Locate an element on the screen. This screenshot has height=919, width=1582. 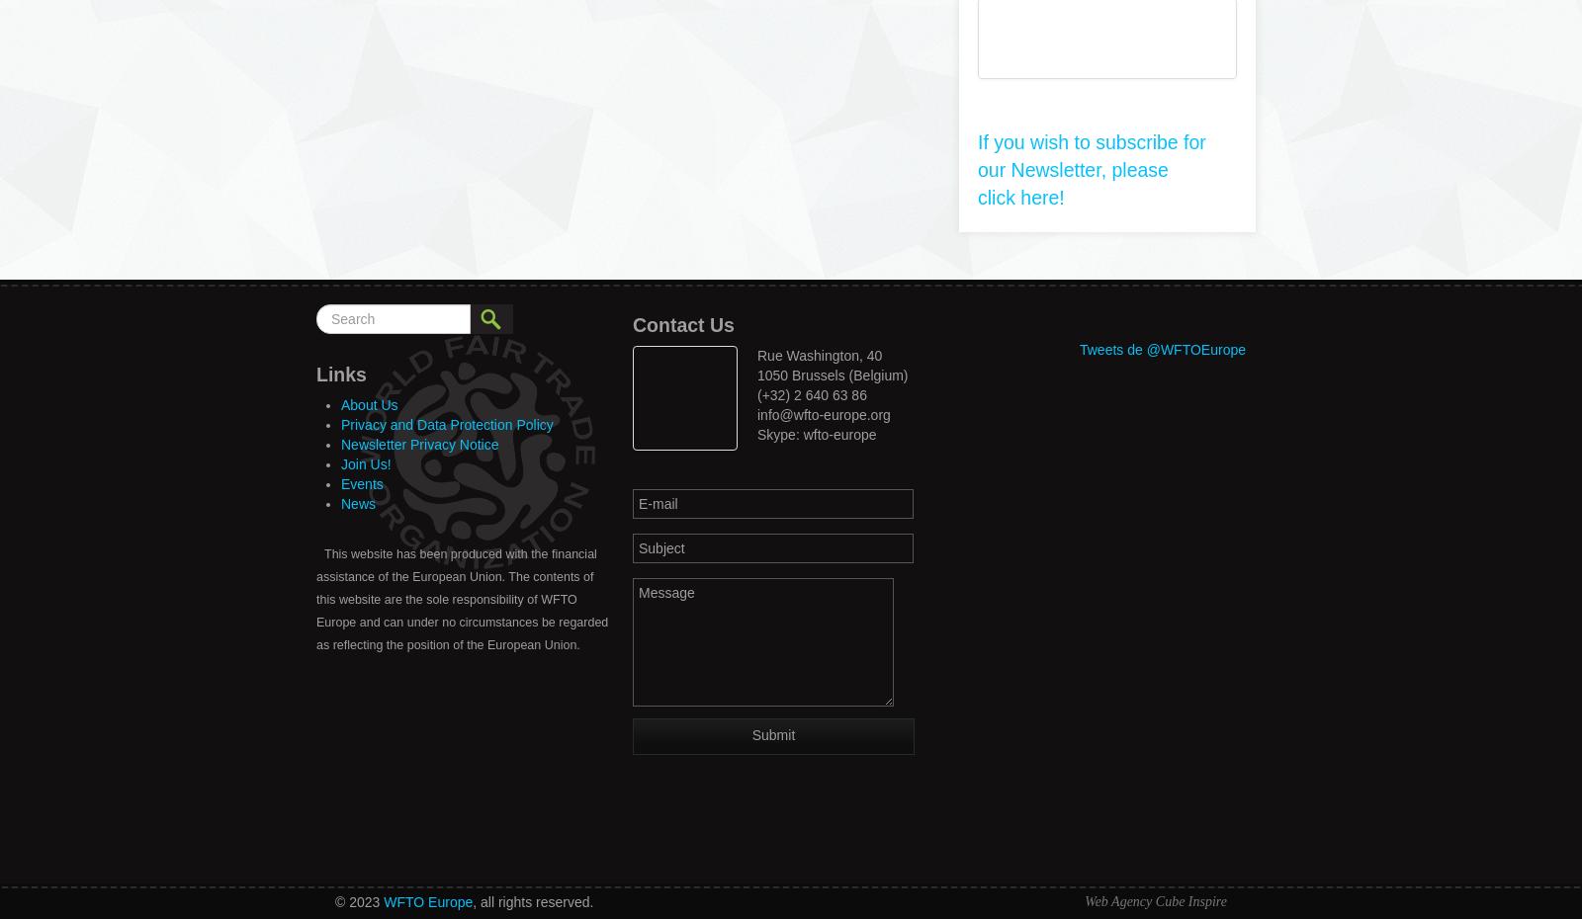
'About Us' is located at coordinates (369, 404).